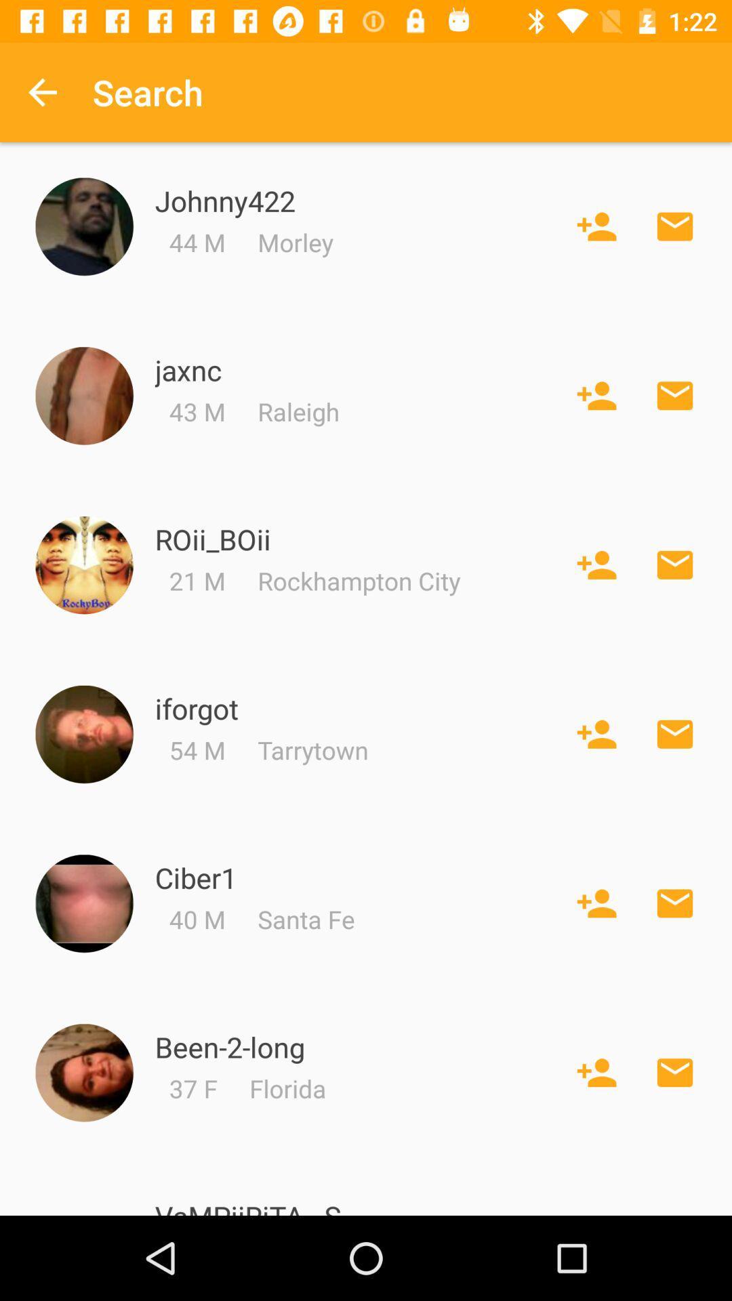 This screenshot has width=732, height=1301. I want to click on open profile, so click(84, 903).